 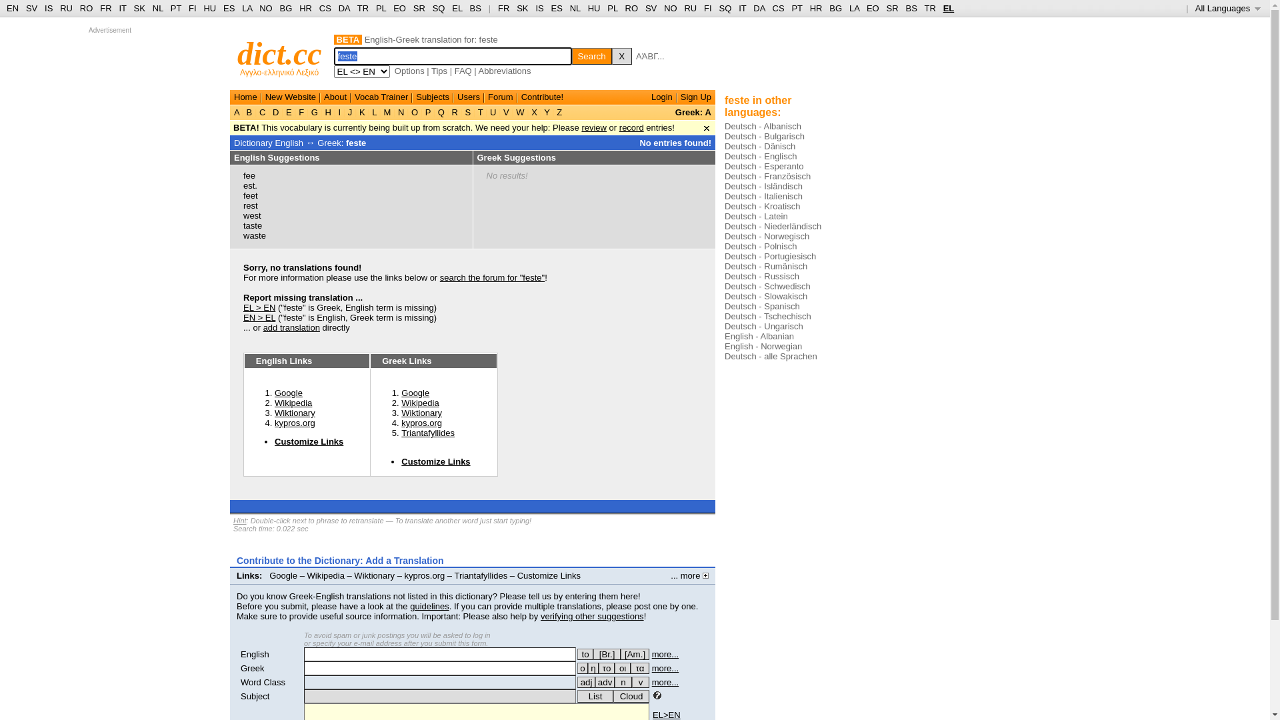 I want to click on 'HU', so click(x=593, y=8).